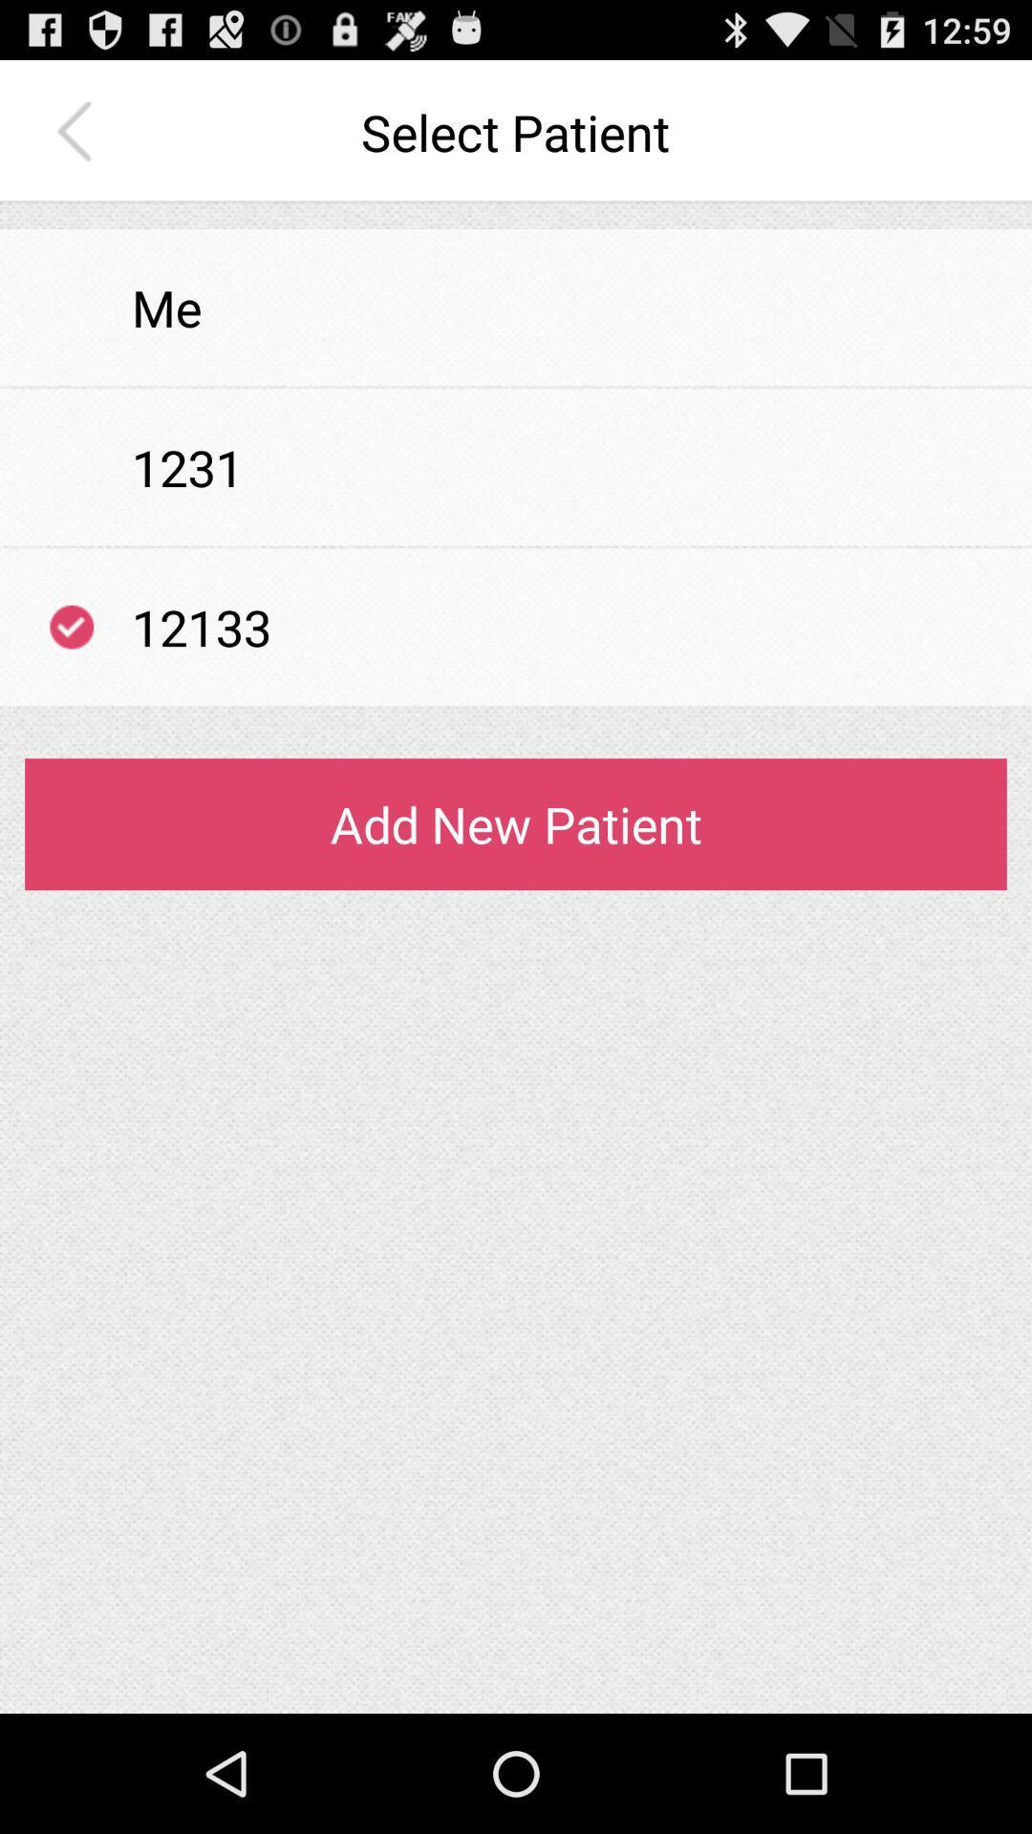  I want to click on the icon above the 12133, so click(516, 545).